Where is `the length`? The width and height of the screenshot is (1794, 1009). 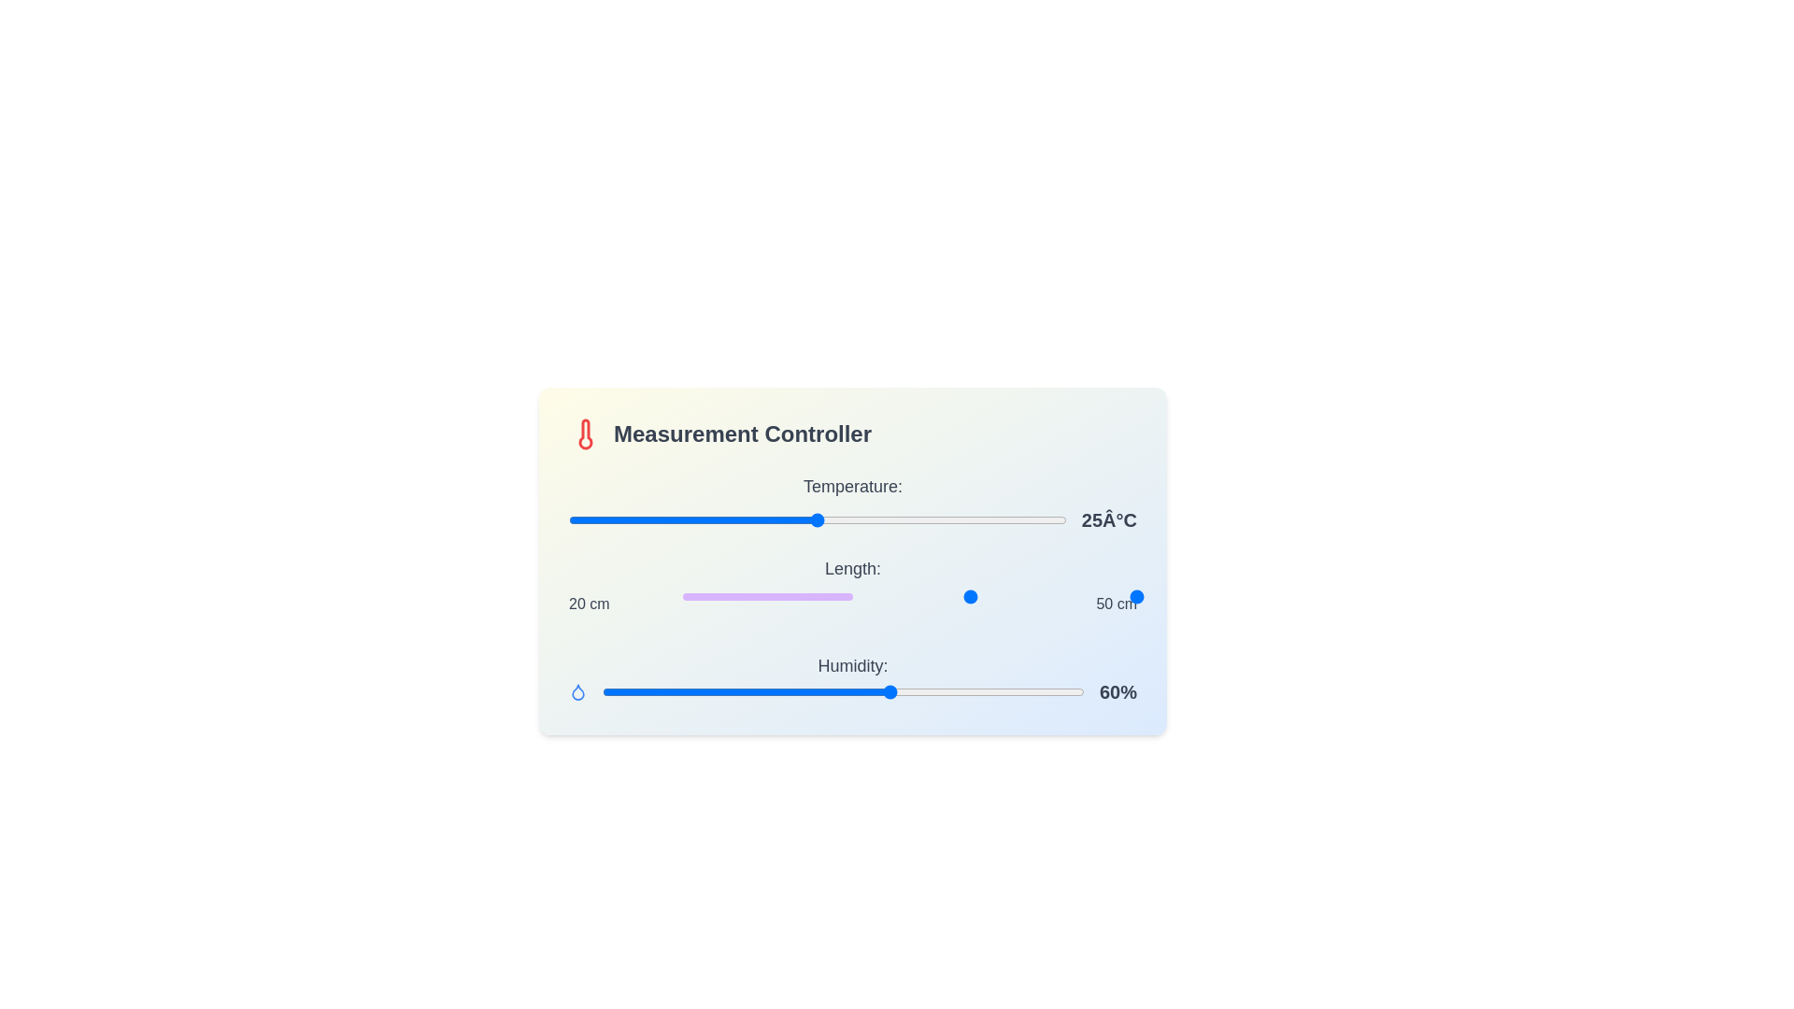 the length is located at coordinates (1061, 597).